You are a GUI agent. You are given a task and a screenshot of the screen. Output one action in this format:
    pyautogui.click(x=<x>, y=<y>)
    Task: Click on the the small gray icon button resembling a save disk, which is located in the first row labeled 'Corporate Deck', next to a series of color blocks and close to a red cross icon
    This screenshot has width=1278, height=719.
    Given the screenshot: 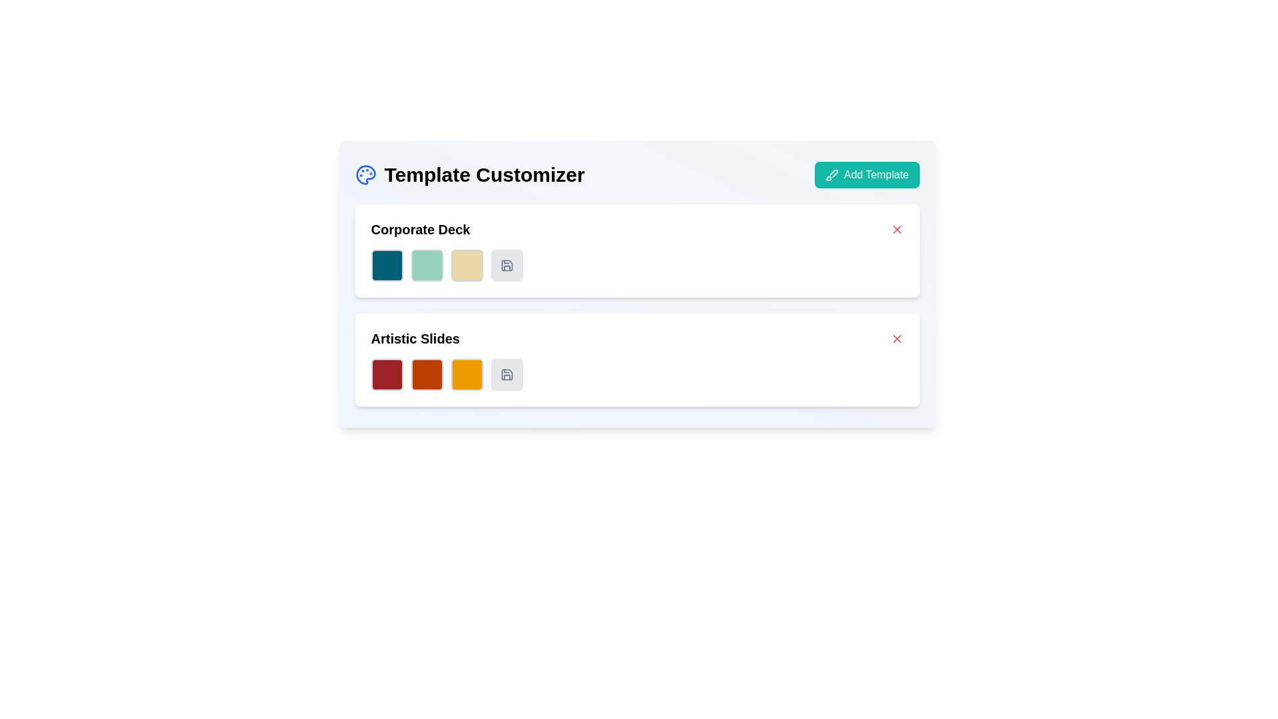 What is the action you would take?
    pyautogui.click(x=506, y=265)
    